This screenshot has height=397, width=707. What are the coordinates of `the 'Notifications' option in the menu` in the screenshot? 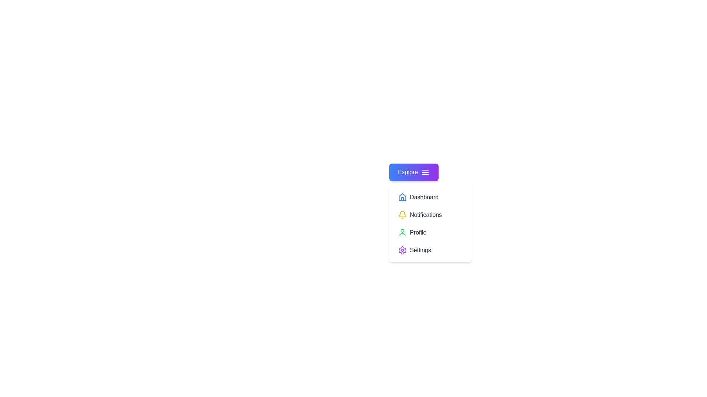 It's located at (430, 215).